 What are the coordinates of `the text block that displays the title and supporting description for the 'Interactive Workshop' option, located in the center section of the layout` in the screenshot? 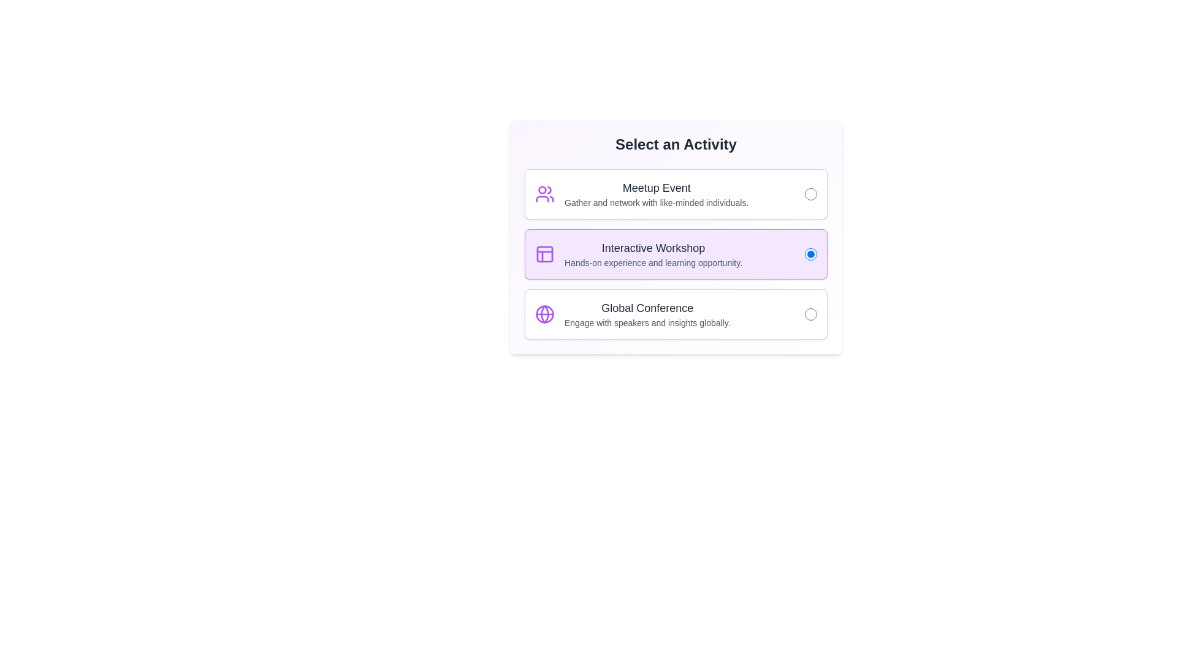 It's located at (652, 254).